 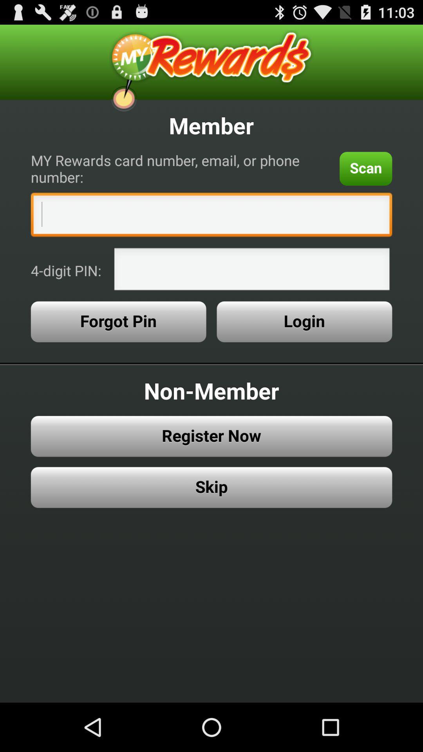 What do you see at coordinates (304, 322) in the screenshot?
I see `the icon next to the forgot pin` at bounding box center [304, 322].